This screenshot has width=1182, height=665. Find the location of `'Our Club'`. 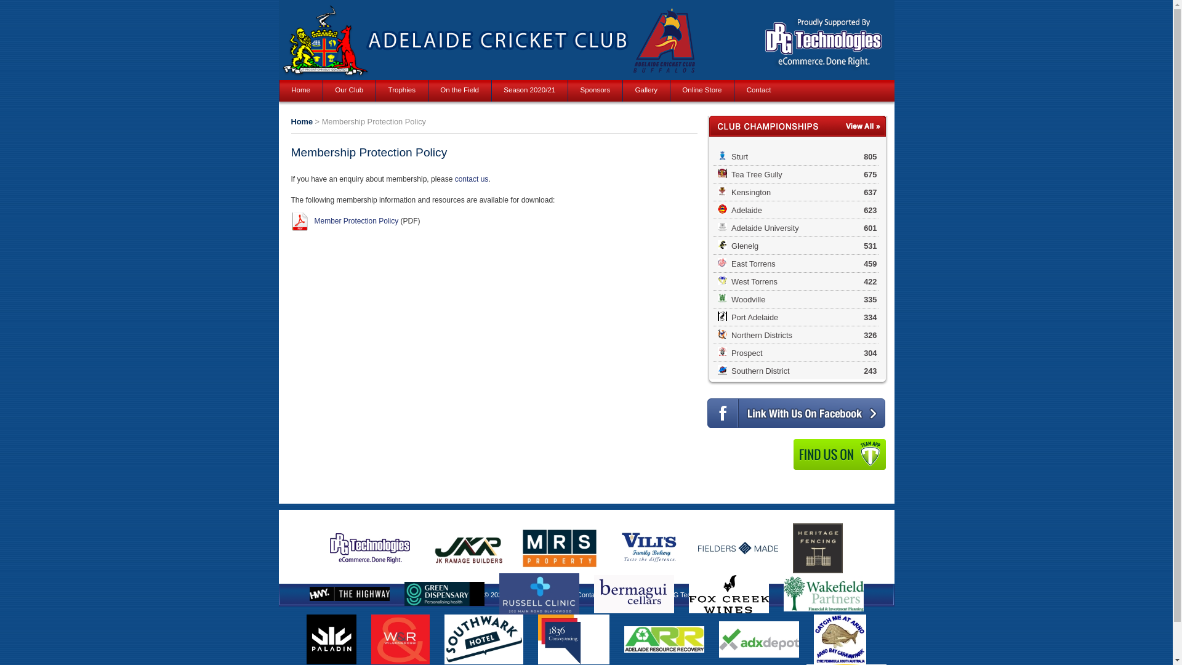

'Our Club' is located at coordinates (348, 89).